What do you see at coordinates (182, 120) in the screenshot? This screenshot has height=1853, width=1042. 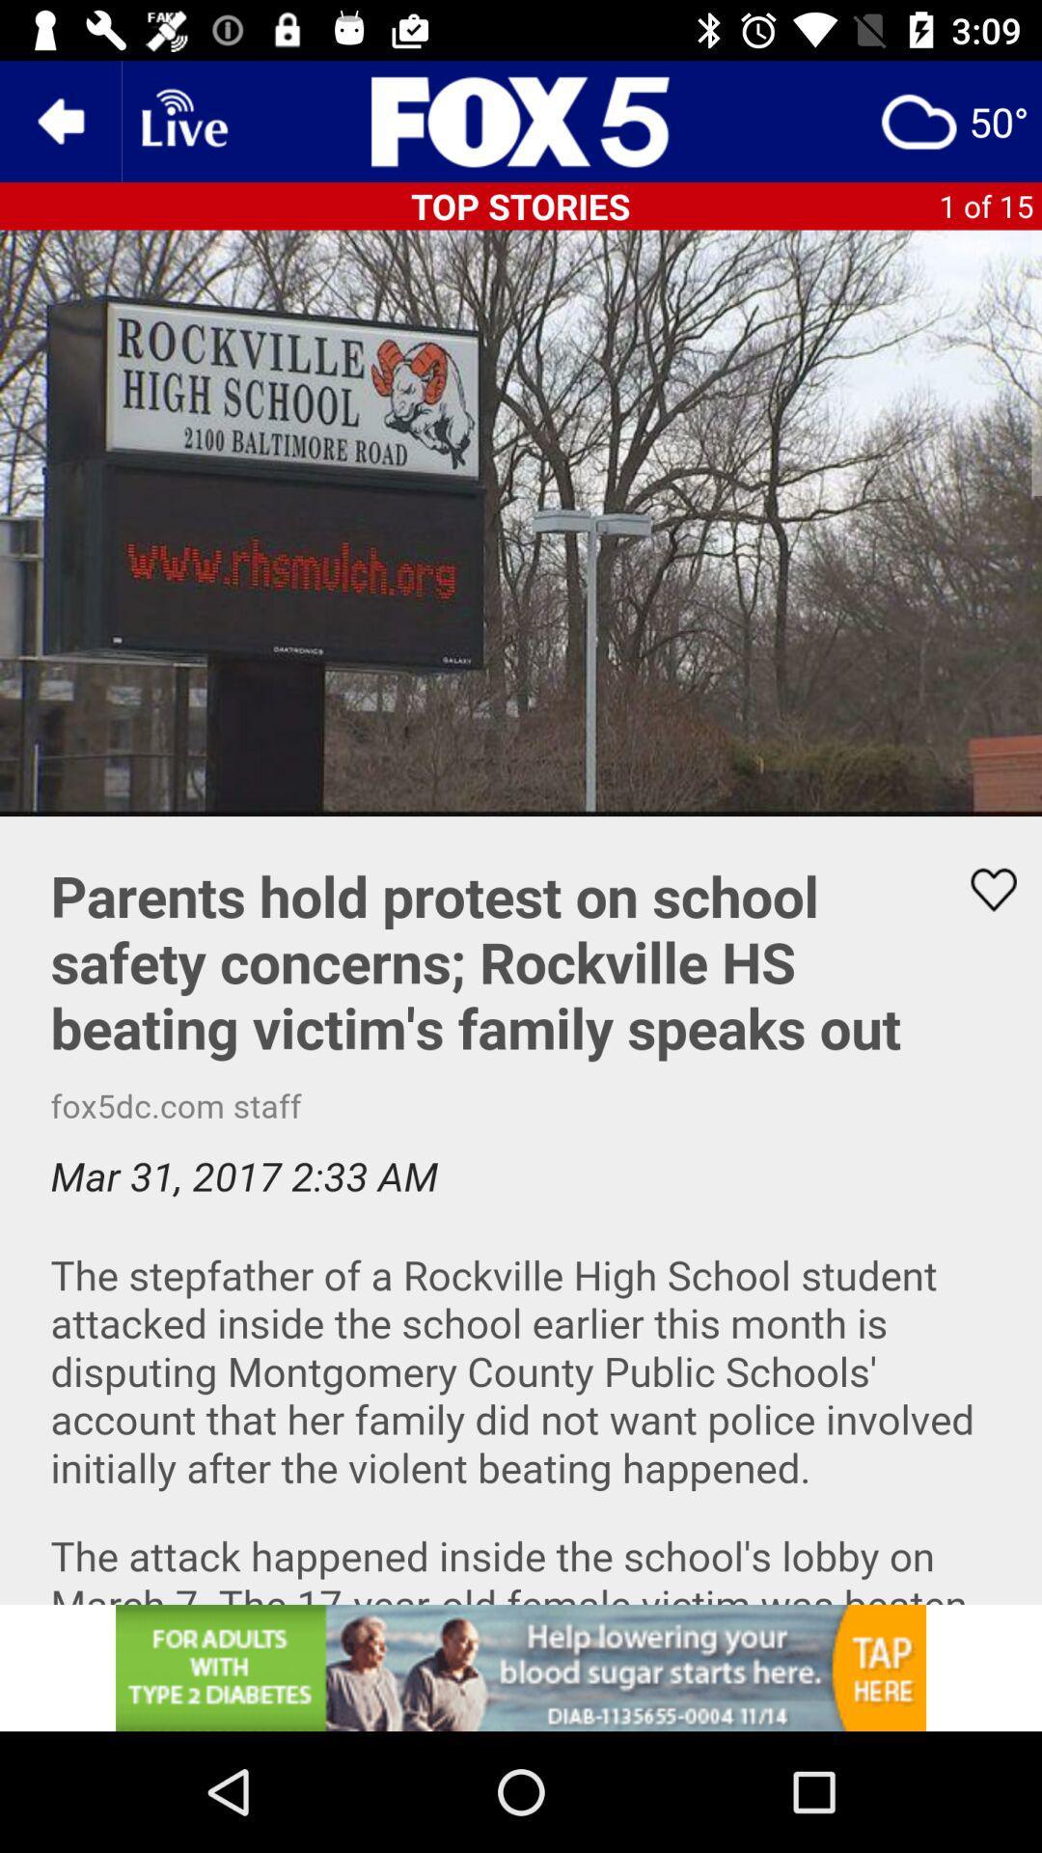 I see `wifi option` at bounding box center [182, 120].